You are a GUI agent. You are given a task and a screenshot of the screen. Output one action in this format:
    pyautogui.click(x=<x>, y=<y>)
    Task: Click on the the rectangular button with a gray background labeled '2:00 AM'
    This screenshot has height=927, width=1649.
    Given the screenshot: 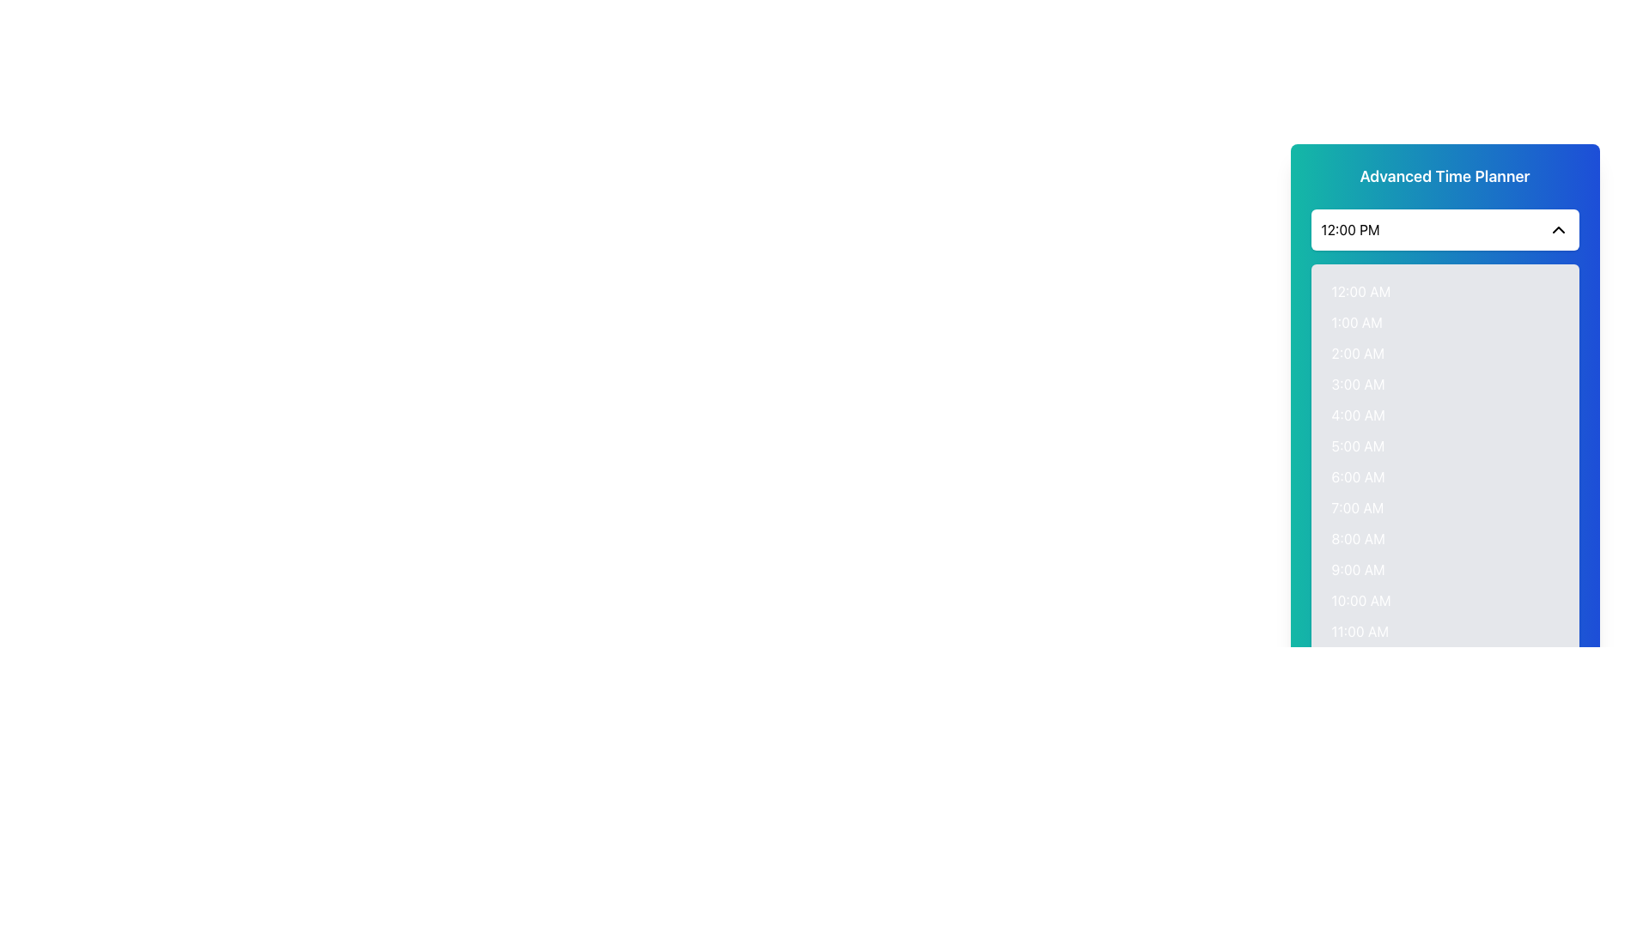 What is the action you would take?
    pyautogui.click(x=1444, y=353)
    